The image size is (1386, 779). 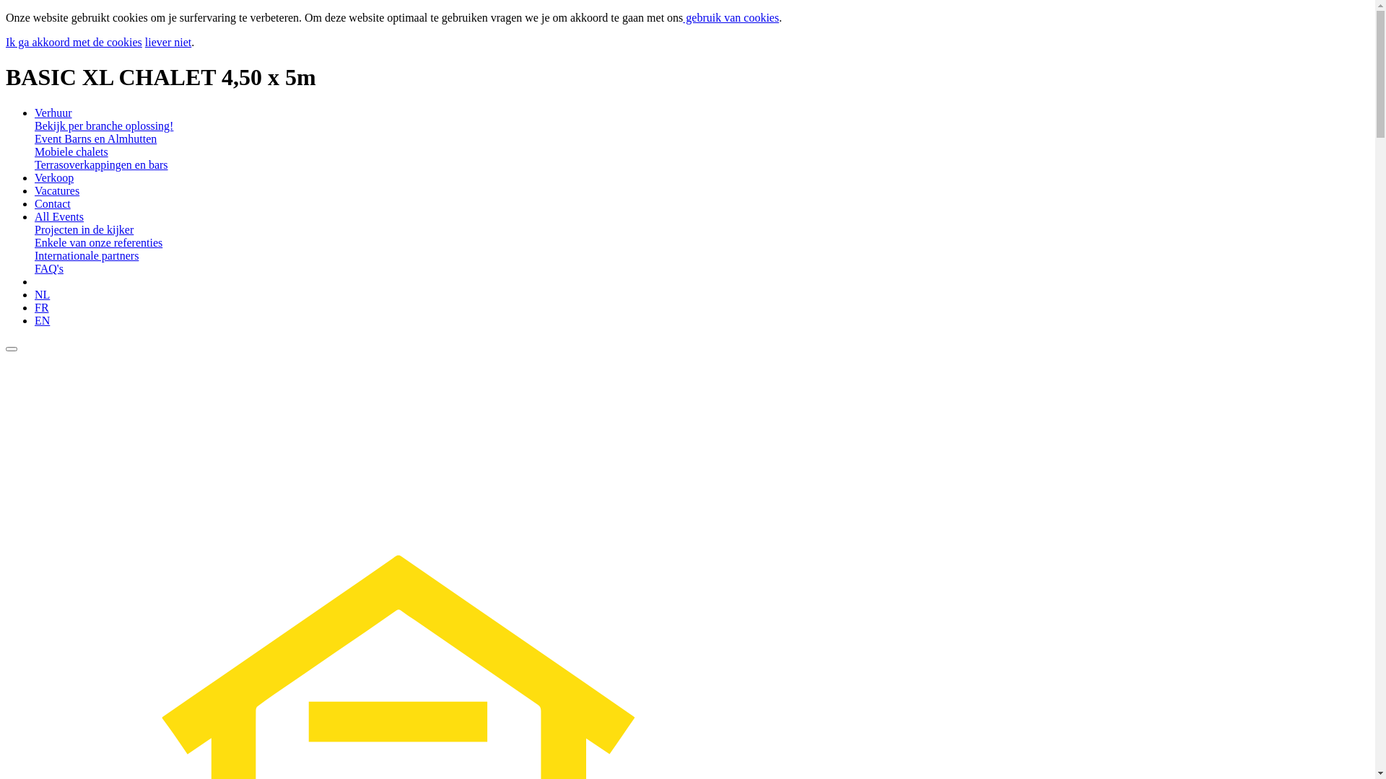 I want to click on 'Contact', so click(x=52, y=203).